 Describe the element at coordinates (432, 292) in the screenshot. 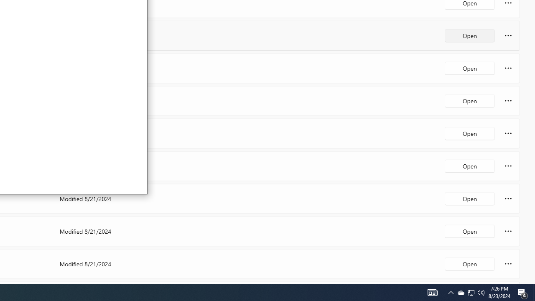

I see `'Notification Chevron'` at that location.